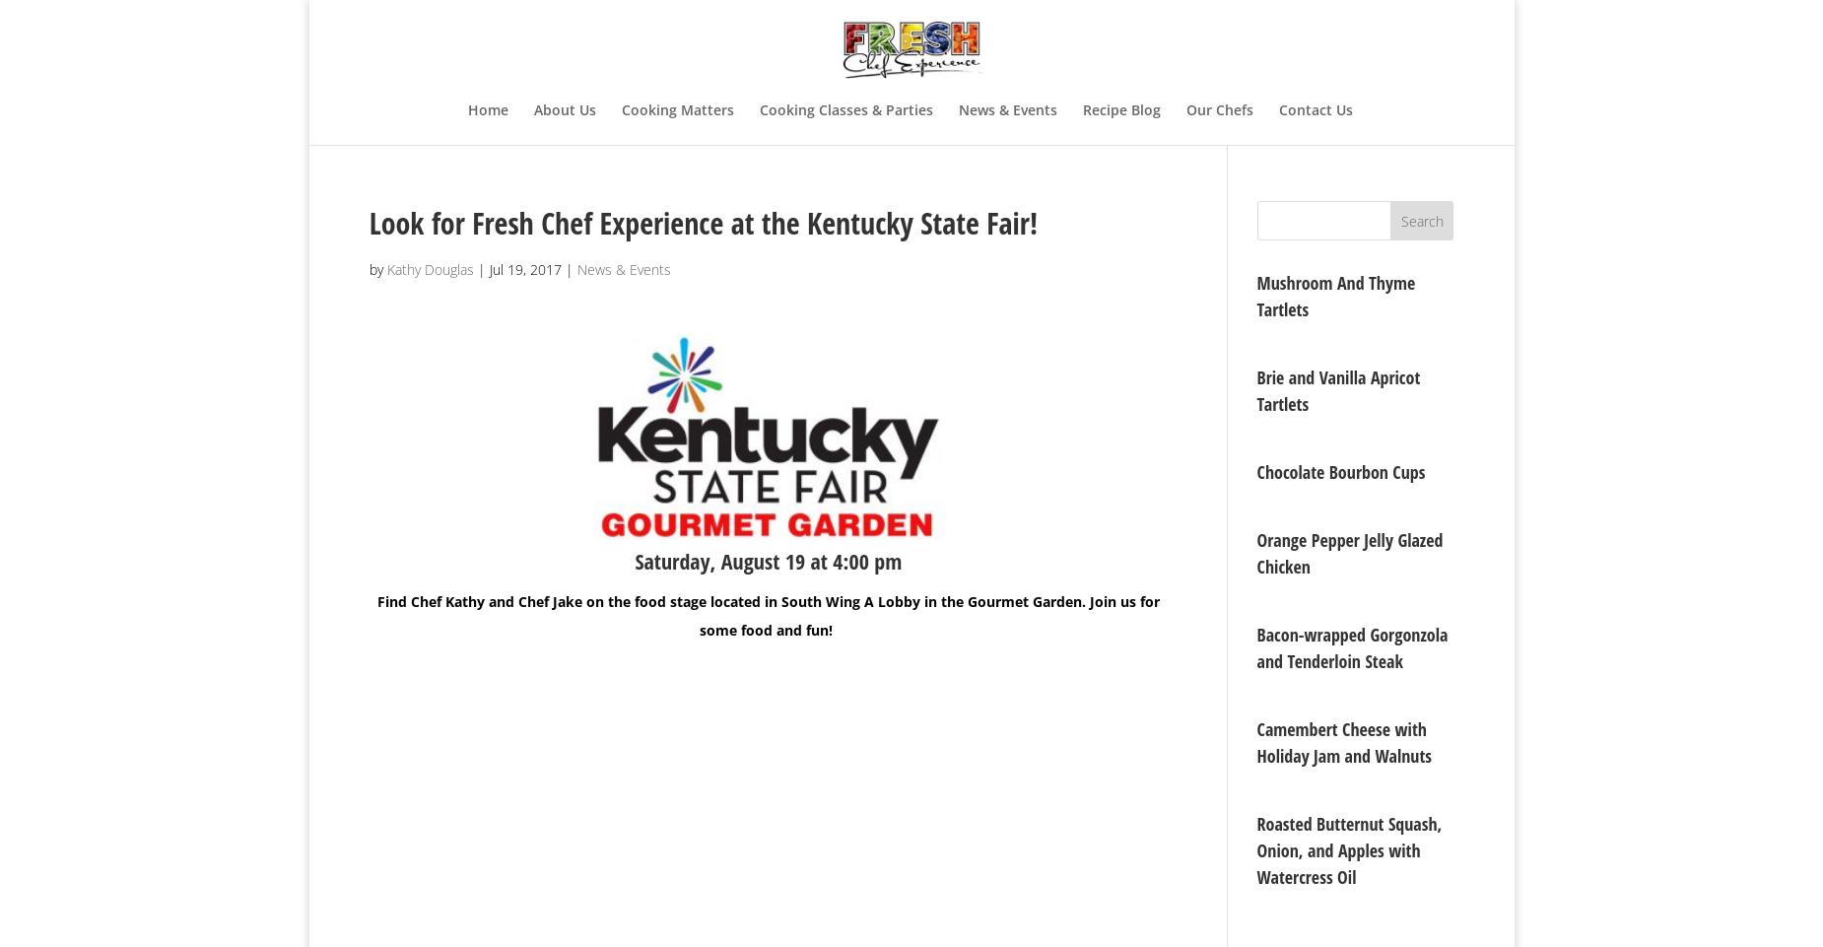  What do you see at coordinates (1334, 296) in the screenshot?
I see `'Mushroom And Thyme Tartlets'` at bounding box center [1334, 296].